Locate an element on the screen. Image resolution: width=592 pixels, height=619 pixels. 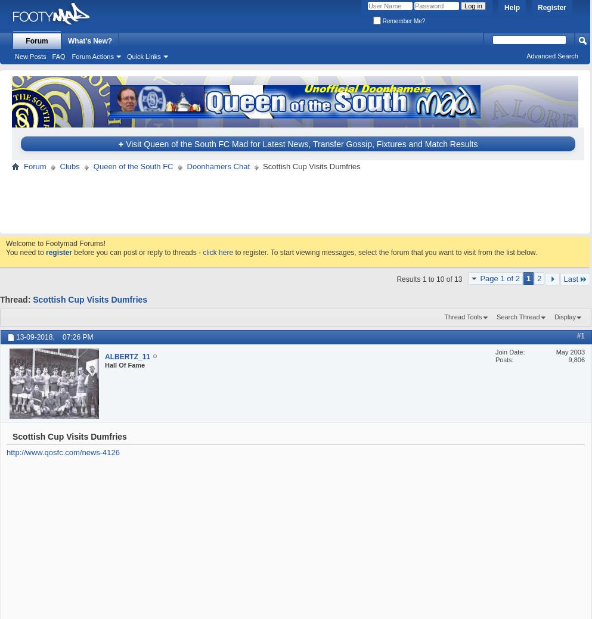
'2' is located at coordinates (539, 278).